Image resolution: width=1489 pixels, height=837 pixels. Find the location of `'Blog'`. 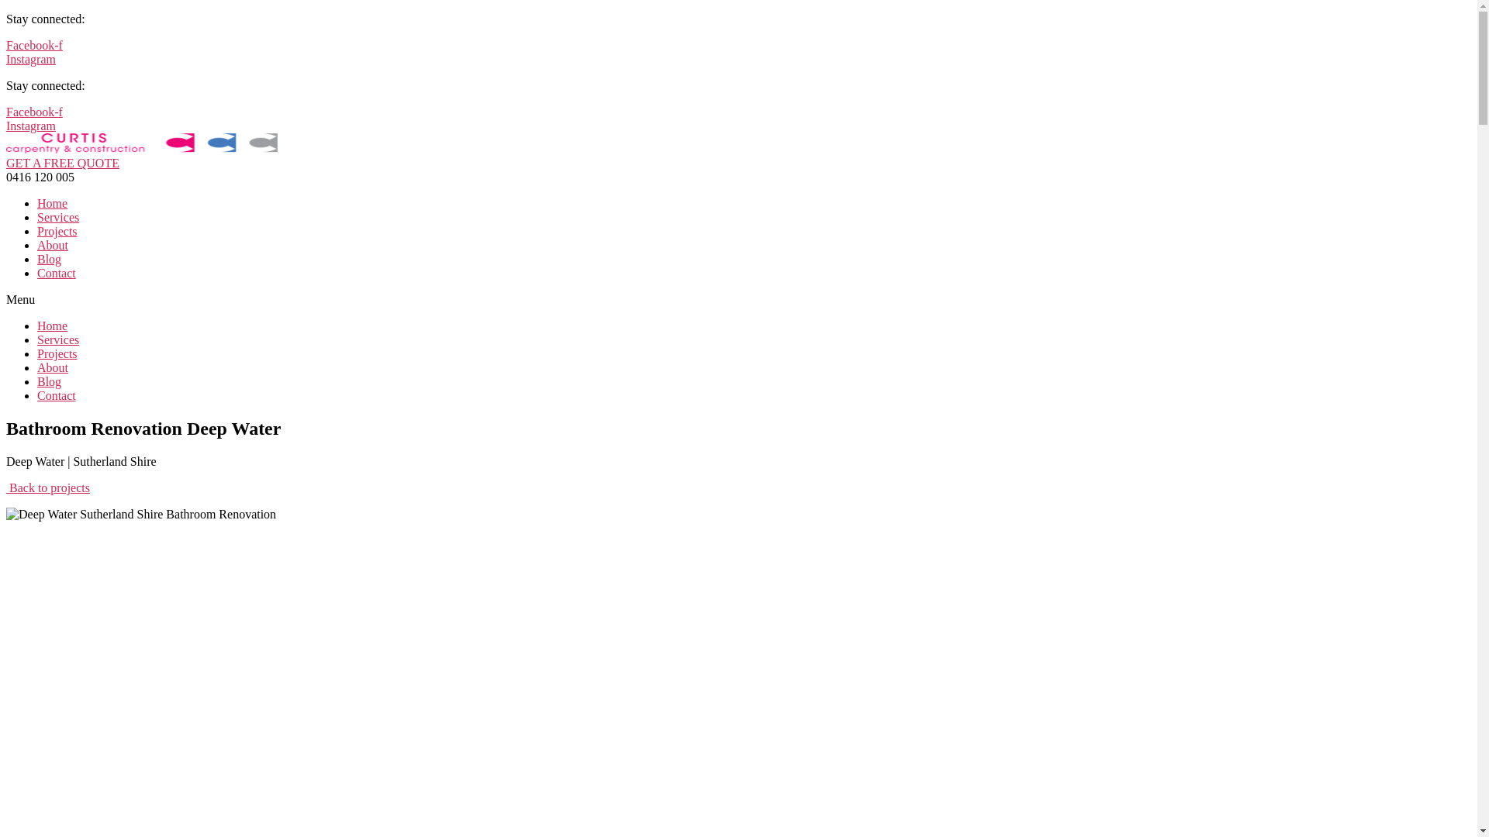

'Blog' is located at coordinates (37, 381).